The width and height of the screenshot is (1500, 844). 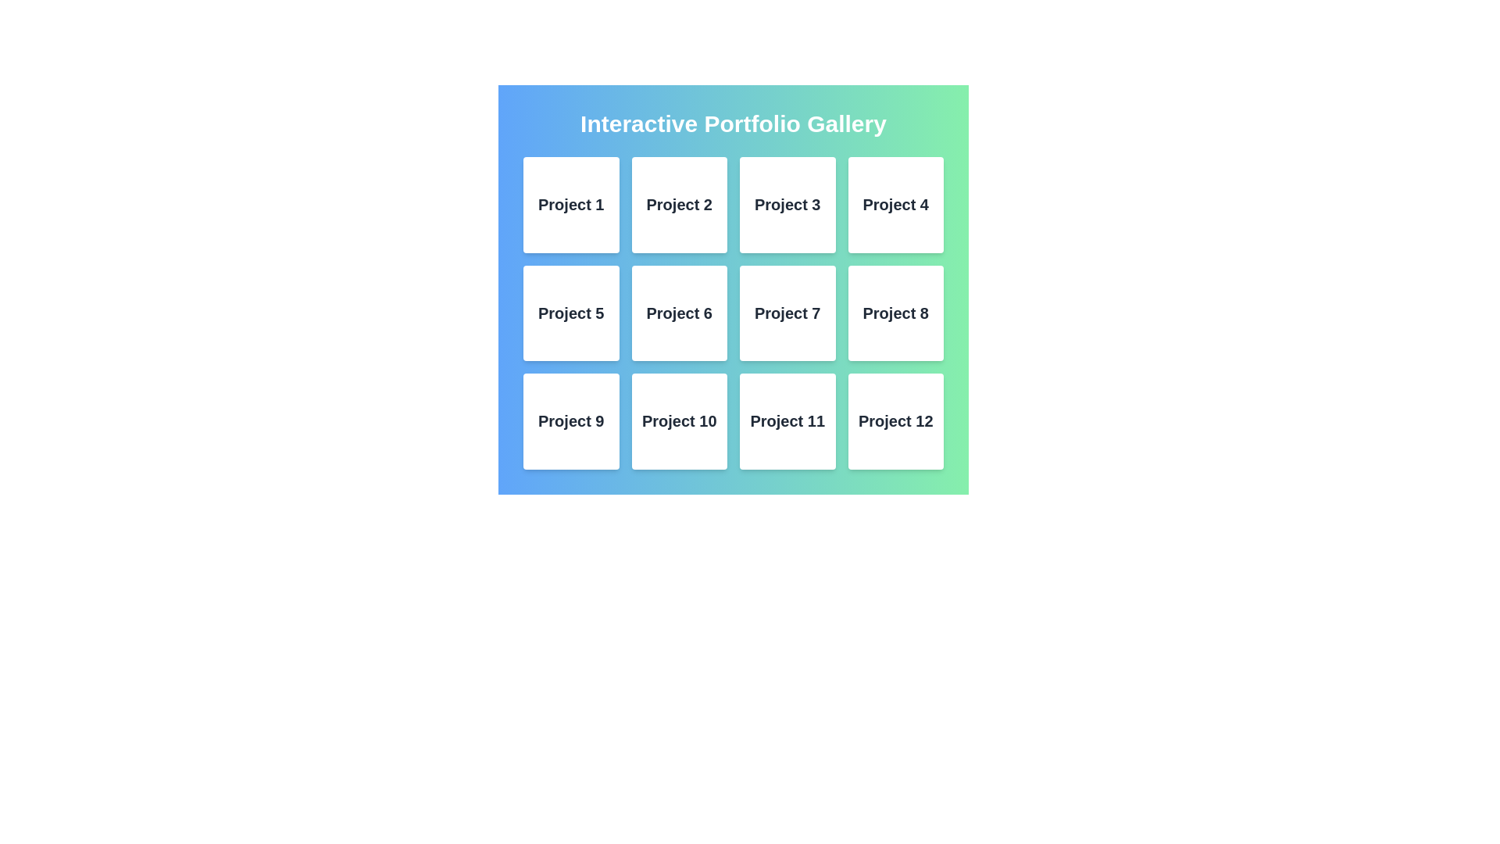 I want to click on the 'Project 2' label card, which is a white rectangular card with rounded corners displaying the label in bold dark text, located in the first row and second column of the project grid layout, so click(x=679, y=204).